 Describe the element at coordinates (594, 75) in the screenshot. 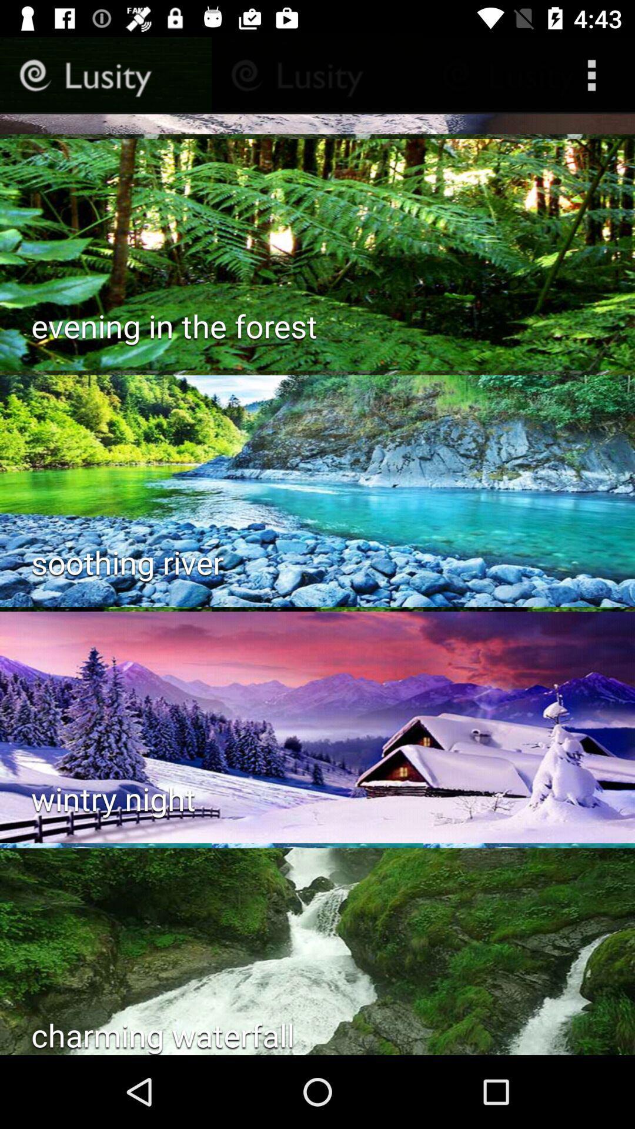

I see `menu button` at that location.